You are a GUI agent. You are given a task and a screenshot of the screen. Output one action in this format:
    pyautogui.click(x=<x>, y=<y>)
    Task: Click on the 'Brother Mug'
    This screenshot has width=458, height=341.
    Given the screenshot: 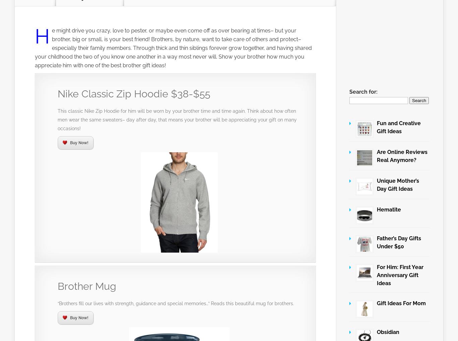 What is the action you would take?
    pyautogui.click(x=87, y=286)
    